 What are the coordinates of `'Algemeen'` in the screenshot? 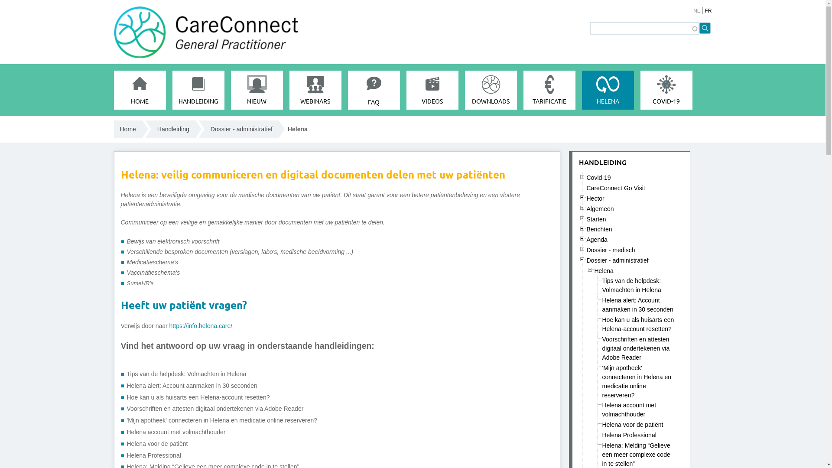 It's located at (600, 209).